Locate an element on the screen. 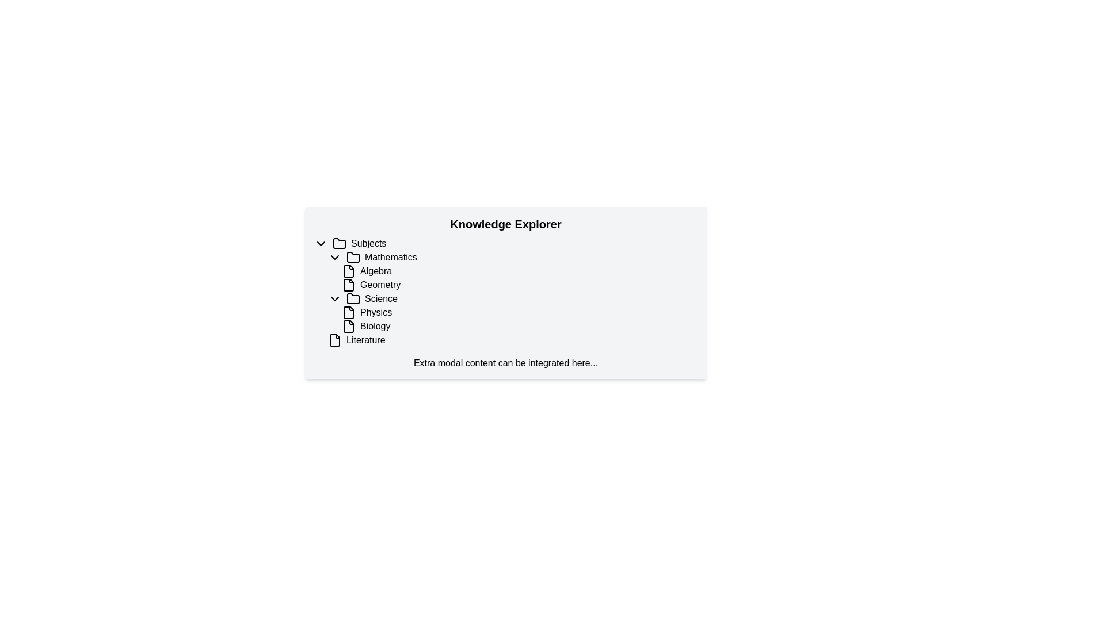 This screenshot has height=621, width=1105. the document icon representing a file within the 'Literature' entry in the 'Knowledge Explorer' panel is located at coordinates (334, 339).